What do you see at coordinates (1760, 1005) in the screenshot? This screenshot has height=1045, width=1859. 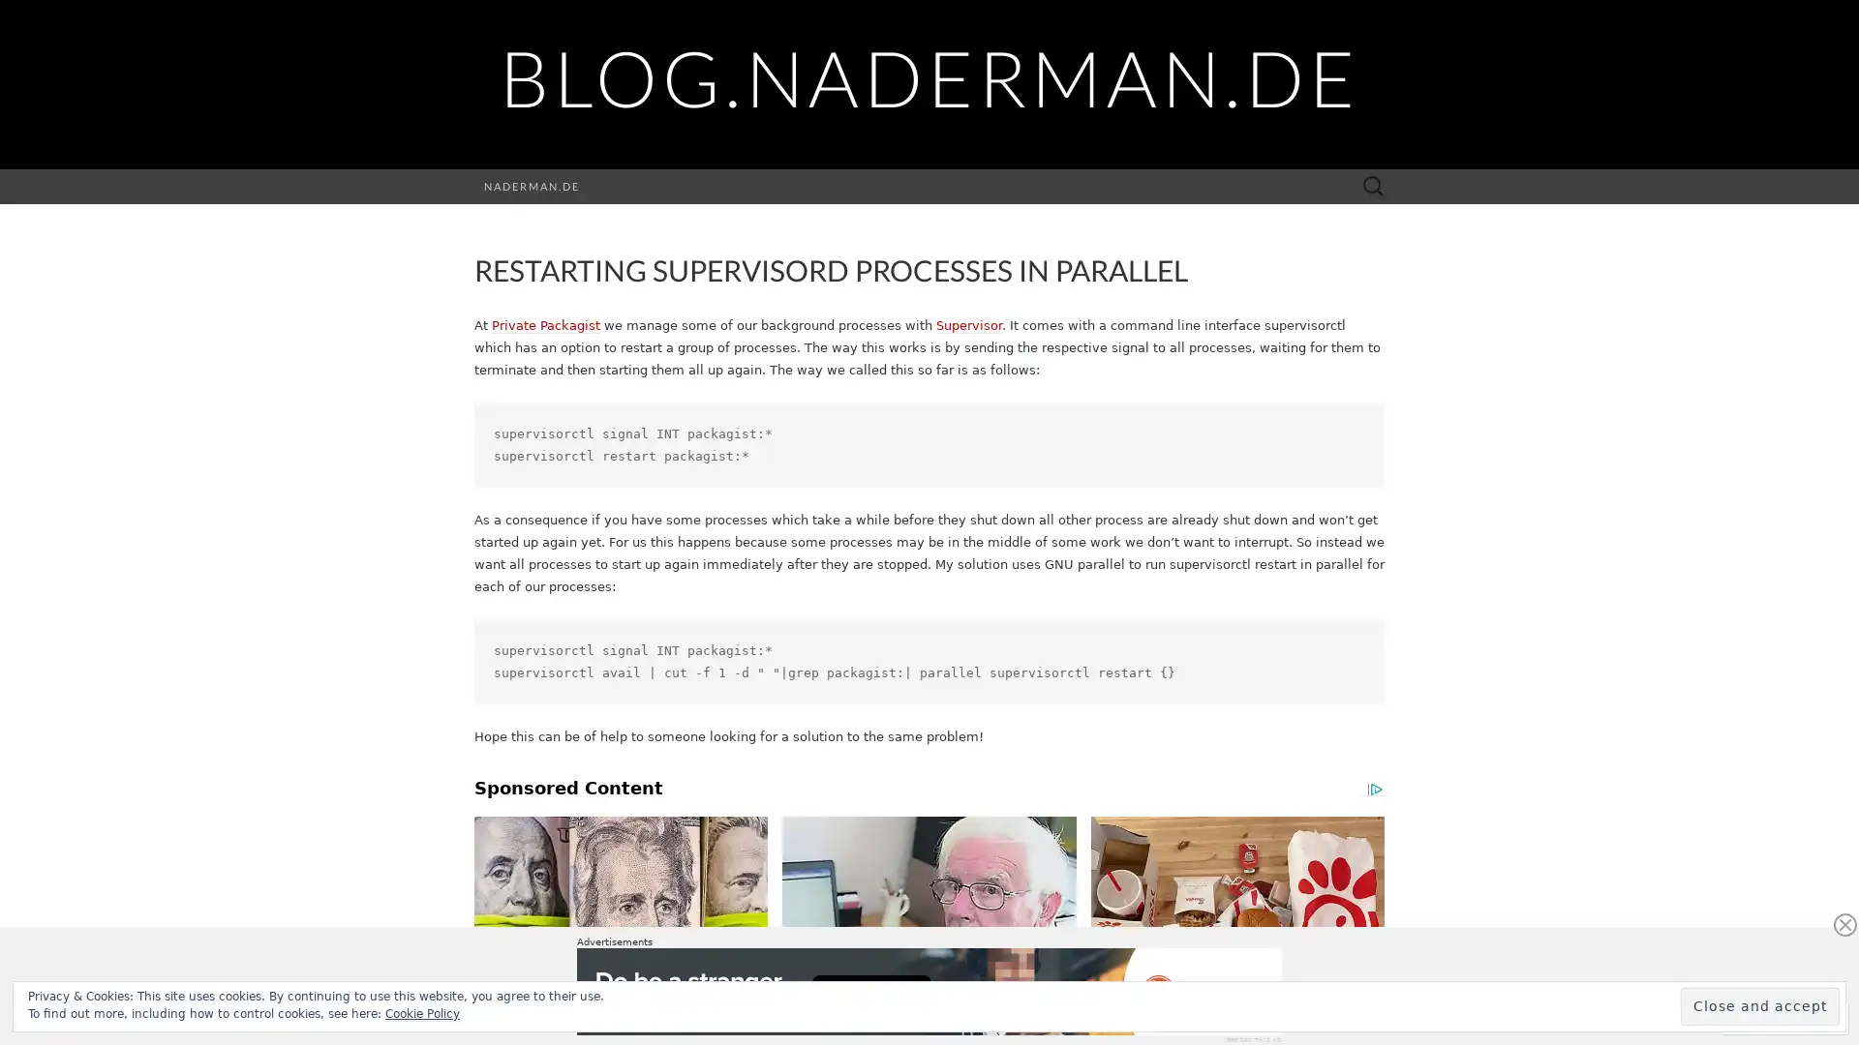 I see `Close and accept` at bounding box center [1760, 1005].